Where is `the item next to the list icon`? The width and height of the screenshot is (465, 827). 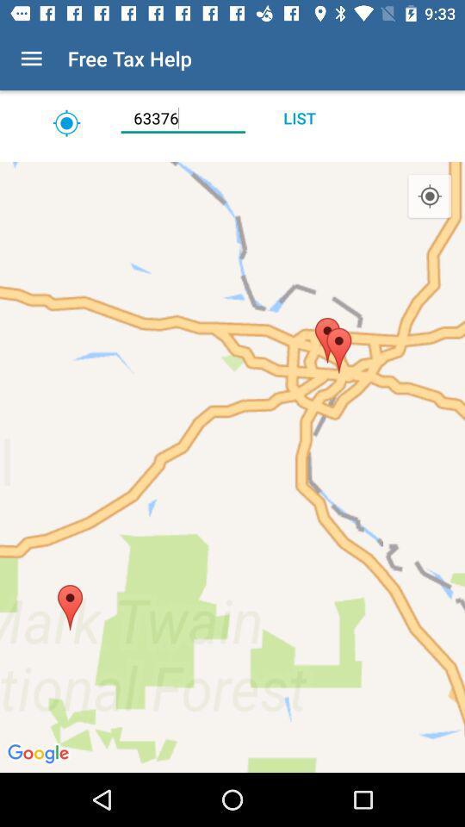 the item next to the list icon is located at coordinates (182, 117).